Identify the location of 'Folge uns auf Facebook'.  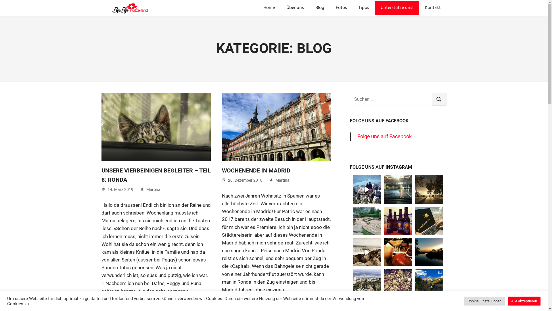
(357, 136).